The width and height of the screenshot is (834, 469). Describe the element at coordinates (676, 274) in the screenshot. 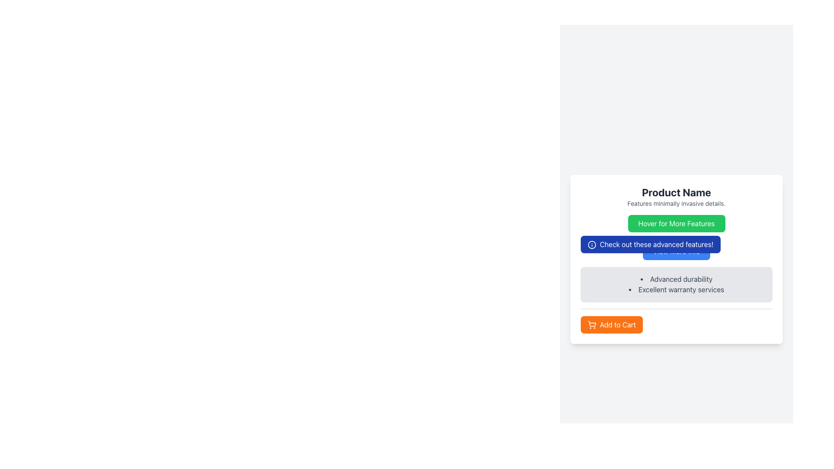

I see `the Informational panel which is a gray, rounded rectangular box displaying bullet points 'Advanced durability' and 'Excellent warranty services'` at that location.